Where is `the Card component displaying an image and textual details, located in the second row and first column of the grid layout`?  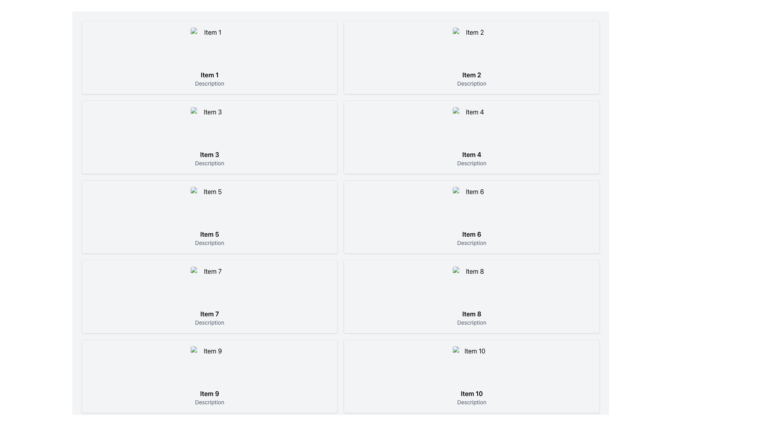 the Card component displaying an image and textual details, located in the second row and first column of the grid layout is located at coordinates (210, 136).